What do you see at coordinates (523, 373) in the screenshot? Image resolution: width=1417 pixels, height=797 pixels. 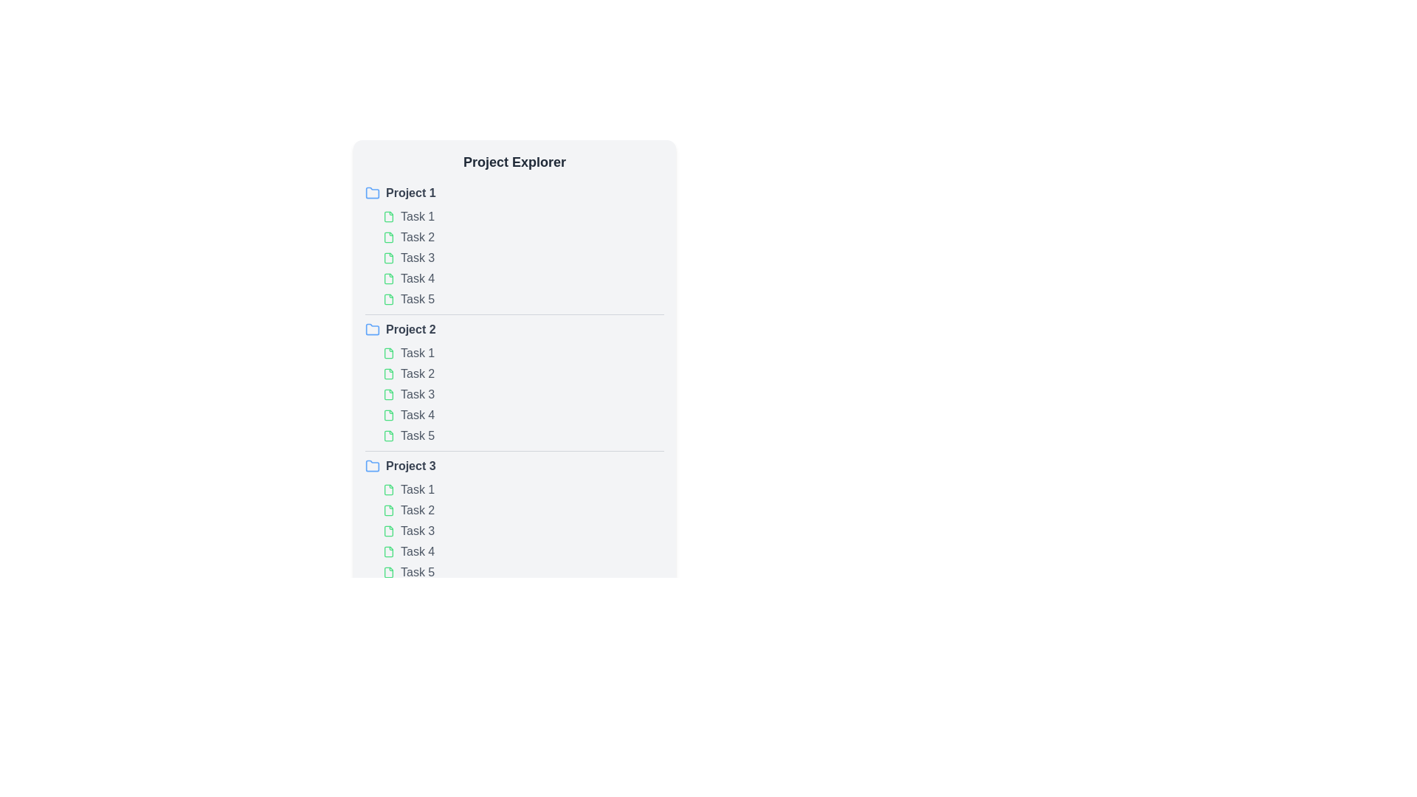 I see `the List item labeled 'Task 2' under the 'Project 2' section` at bounding box center [523, 373].